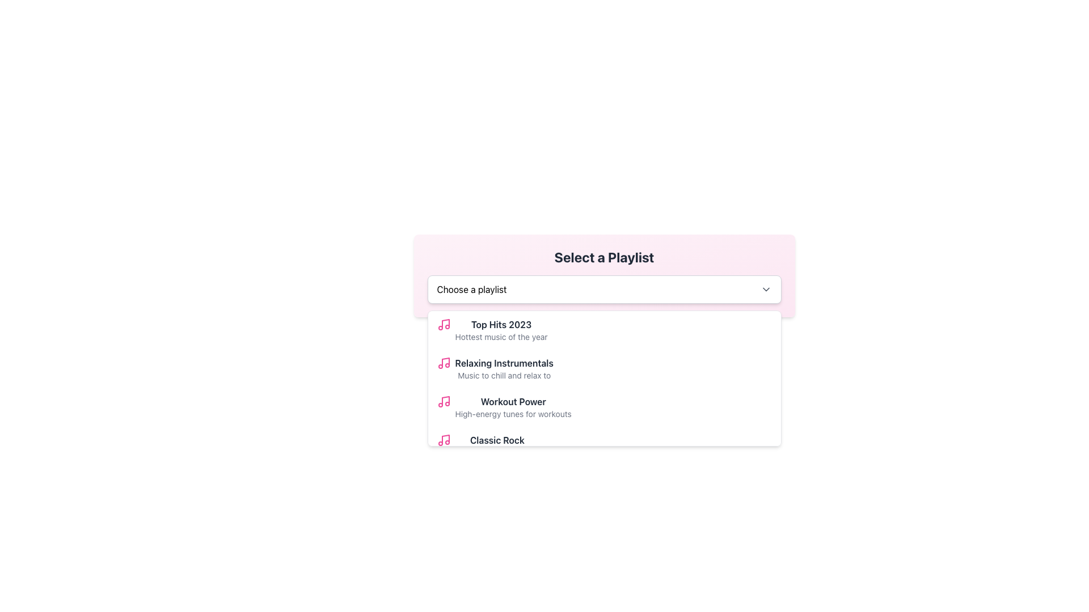  What do you see at coordinates (500, 325) in the screenshot?
I see `the 'Top Hits 2023' playlist title in the playlist menu` at bounding box center [500, 325].